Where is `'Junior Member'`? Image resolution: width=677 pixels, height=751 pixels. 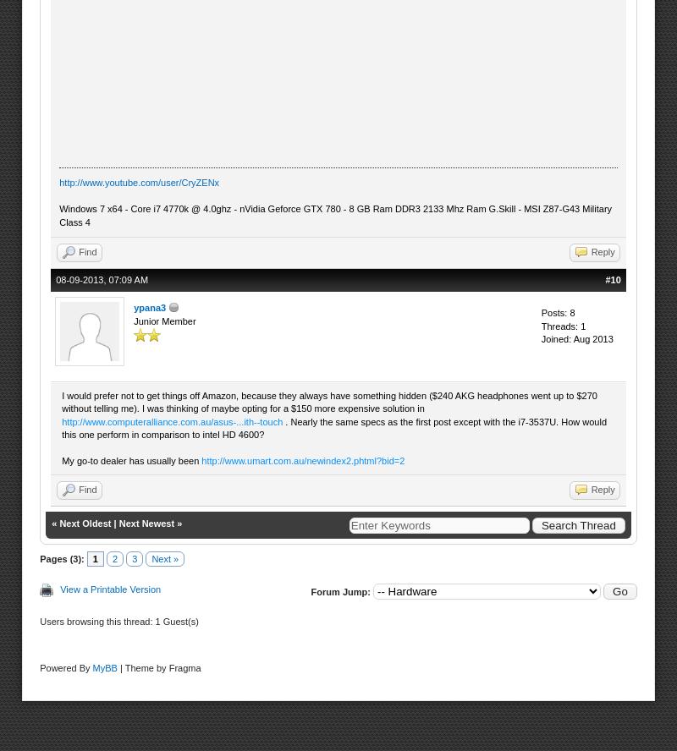 'Junior Member' is located at coordinates (163, 320).